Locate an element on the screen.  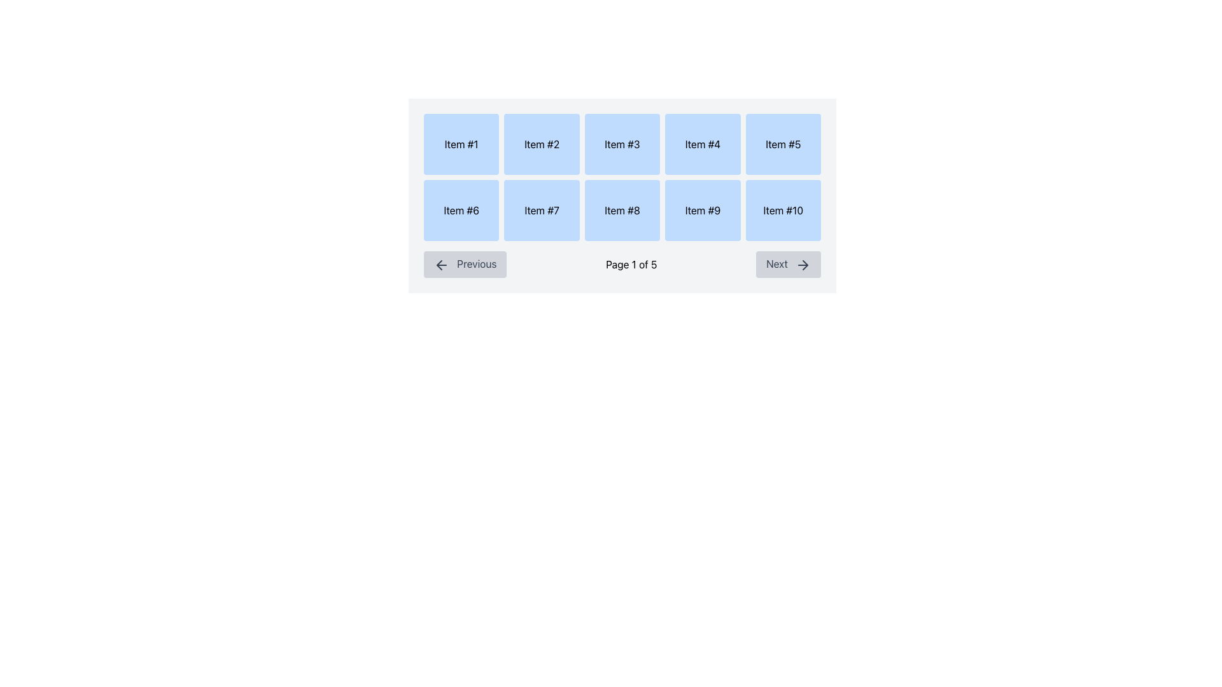
the 'Next' button with a gray background and rounded corners, located at the bottom-right of the interface is located at coordinates (788, 263).